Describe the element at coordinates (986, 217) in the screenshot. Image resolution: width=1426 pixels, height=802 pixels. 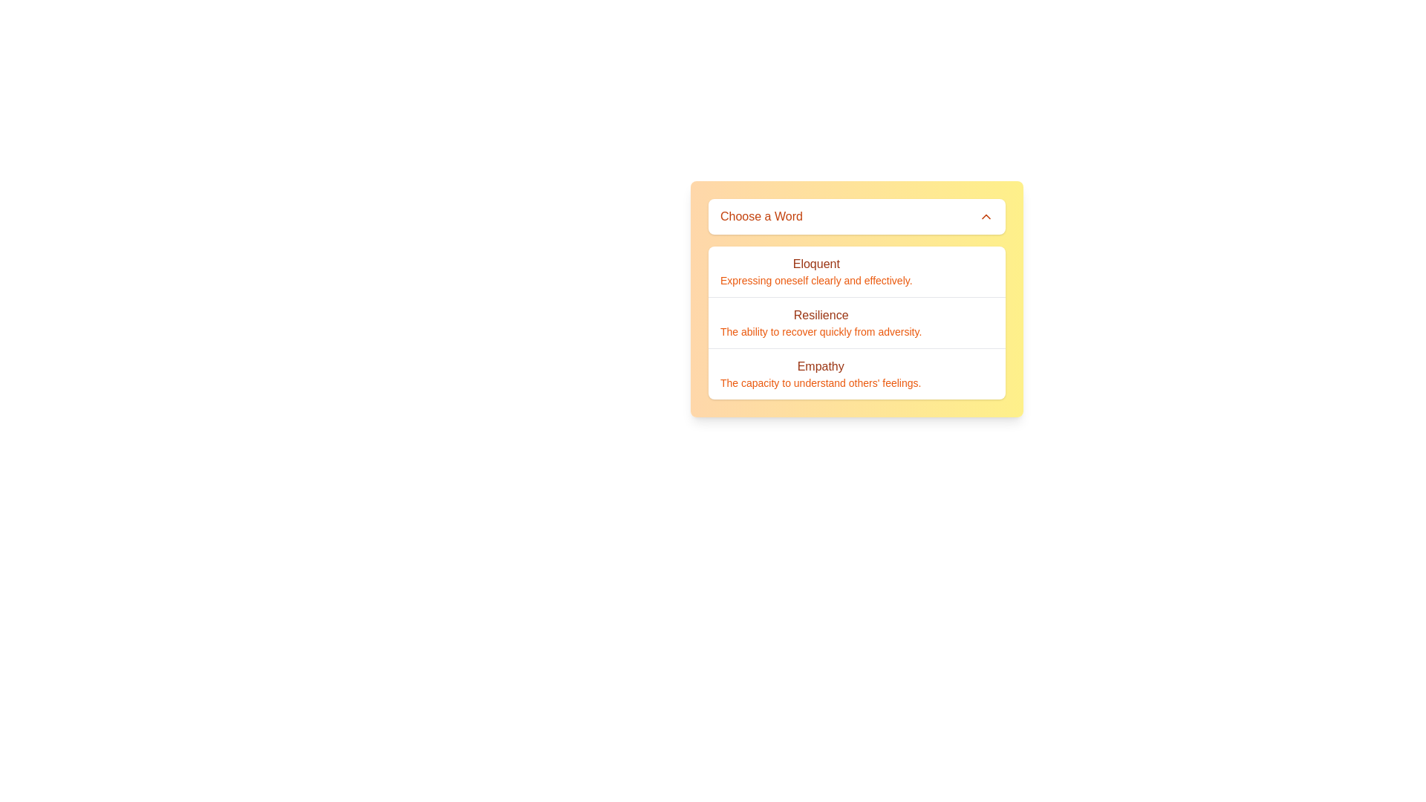
I see `the upward-pointing chevron icon located in the upper right of the 'Choose a Word' header to review potential interactivity` at that location.